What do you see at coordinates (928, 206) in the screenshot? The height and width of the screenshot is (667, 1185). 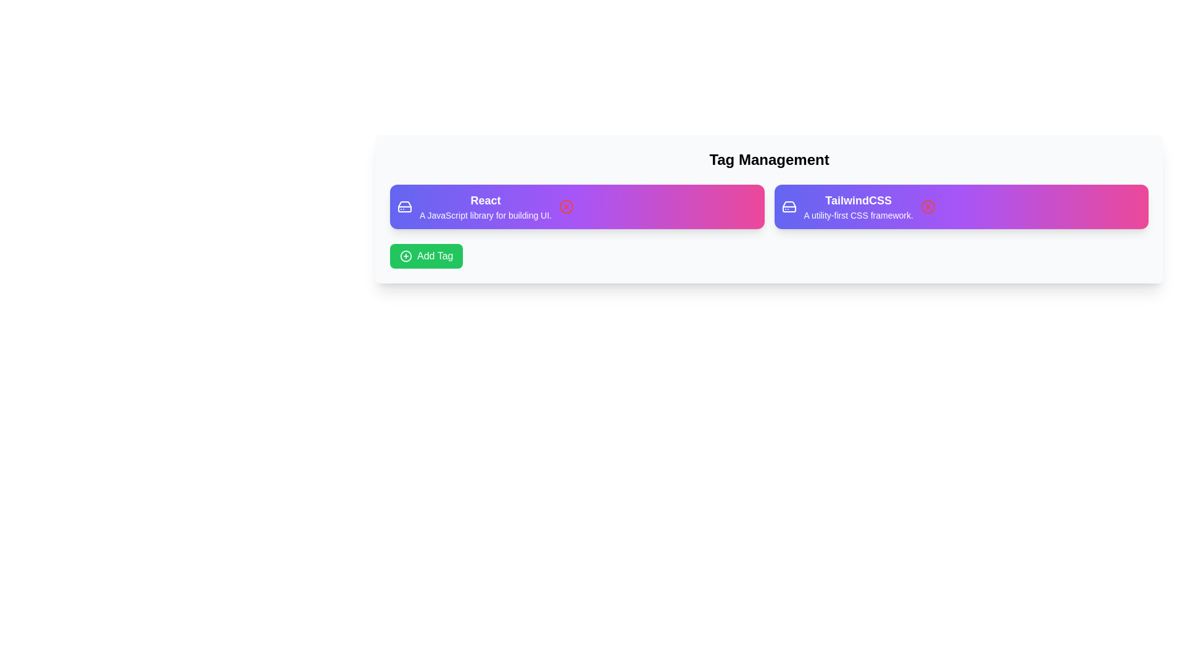 I see `the circular button icon with a red cross at the top-right corner of the TailwindCSS card to trigger the hover effect` at bounding box center [928, 206].